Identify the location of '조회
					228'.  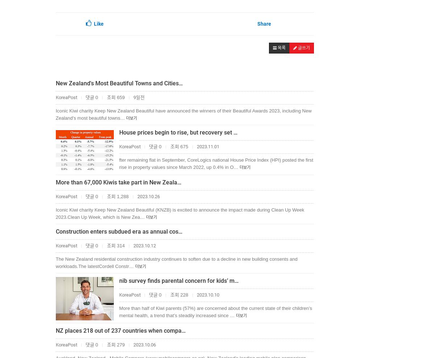
(179, 294).